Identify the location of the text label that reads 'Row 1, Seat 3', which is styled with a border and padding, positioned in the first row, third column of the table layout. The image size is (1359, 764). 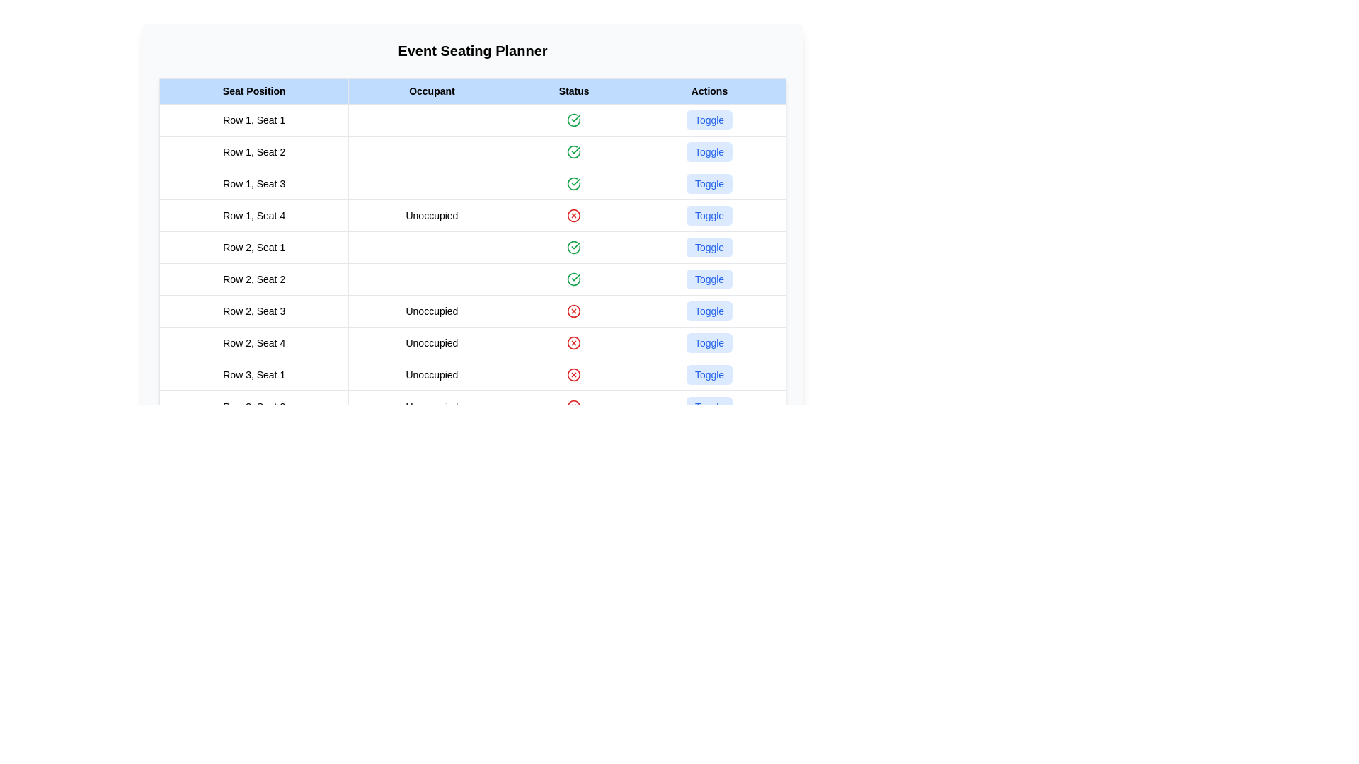
(254, 183).